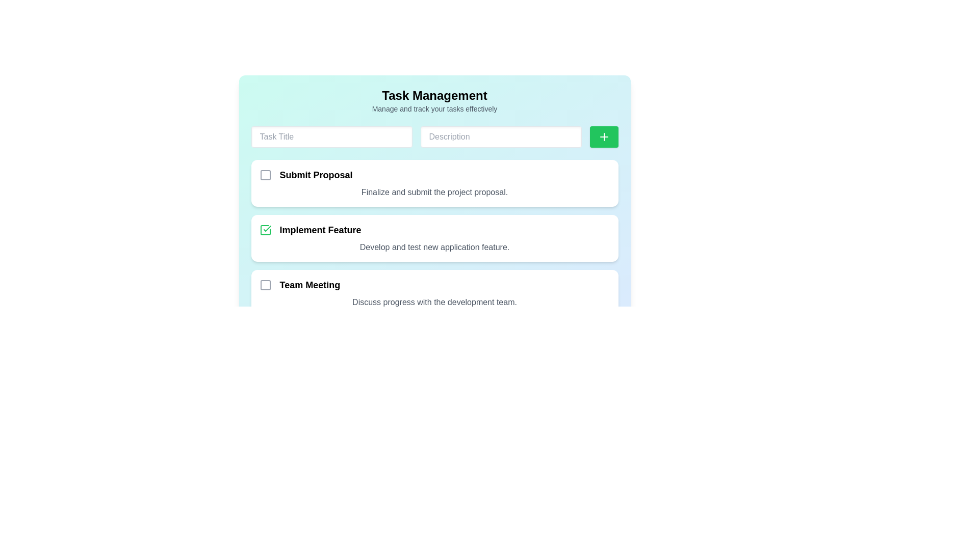 This screenshot has width=979, height=550. I want to click on the third task card in the vertical task list, so click(434, 293).